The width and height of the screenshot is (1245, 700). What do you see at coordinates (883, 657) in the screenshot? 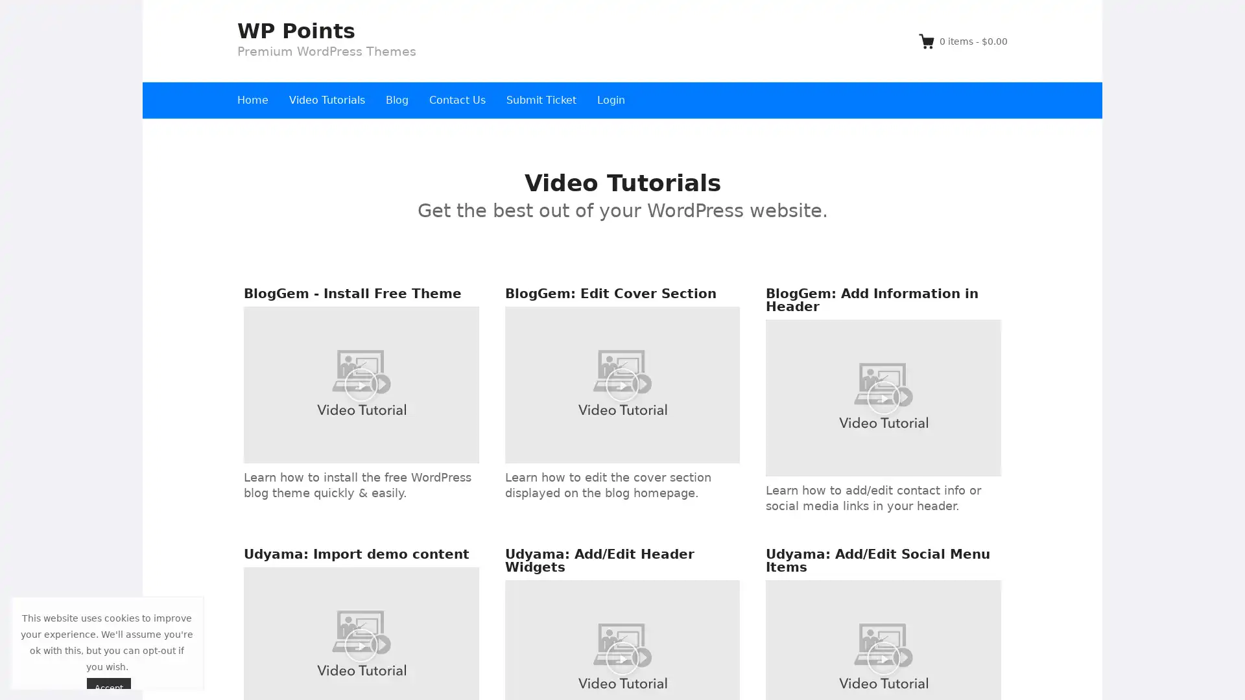
I see `Play Video` at bounding box center [883, 657].